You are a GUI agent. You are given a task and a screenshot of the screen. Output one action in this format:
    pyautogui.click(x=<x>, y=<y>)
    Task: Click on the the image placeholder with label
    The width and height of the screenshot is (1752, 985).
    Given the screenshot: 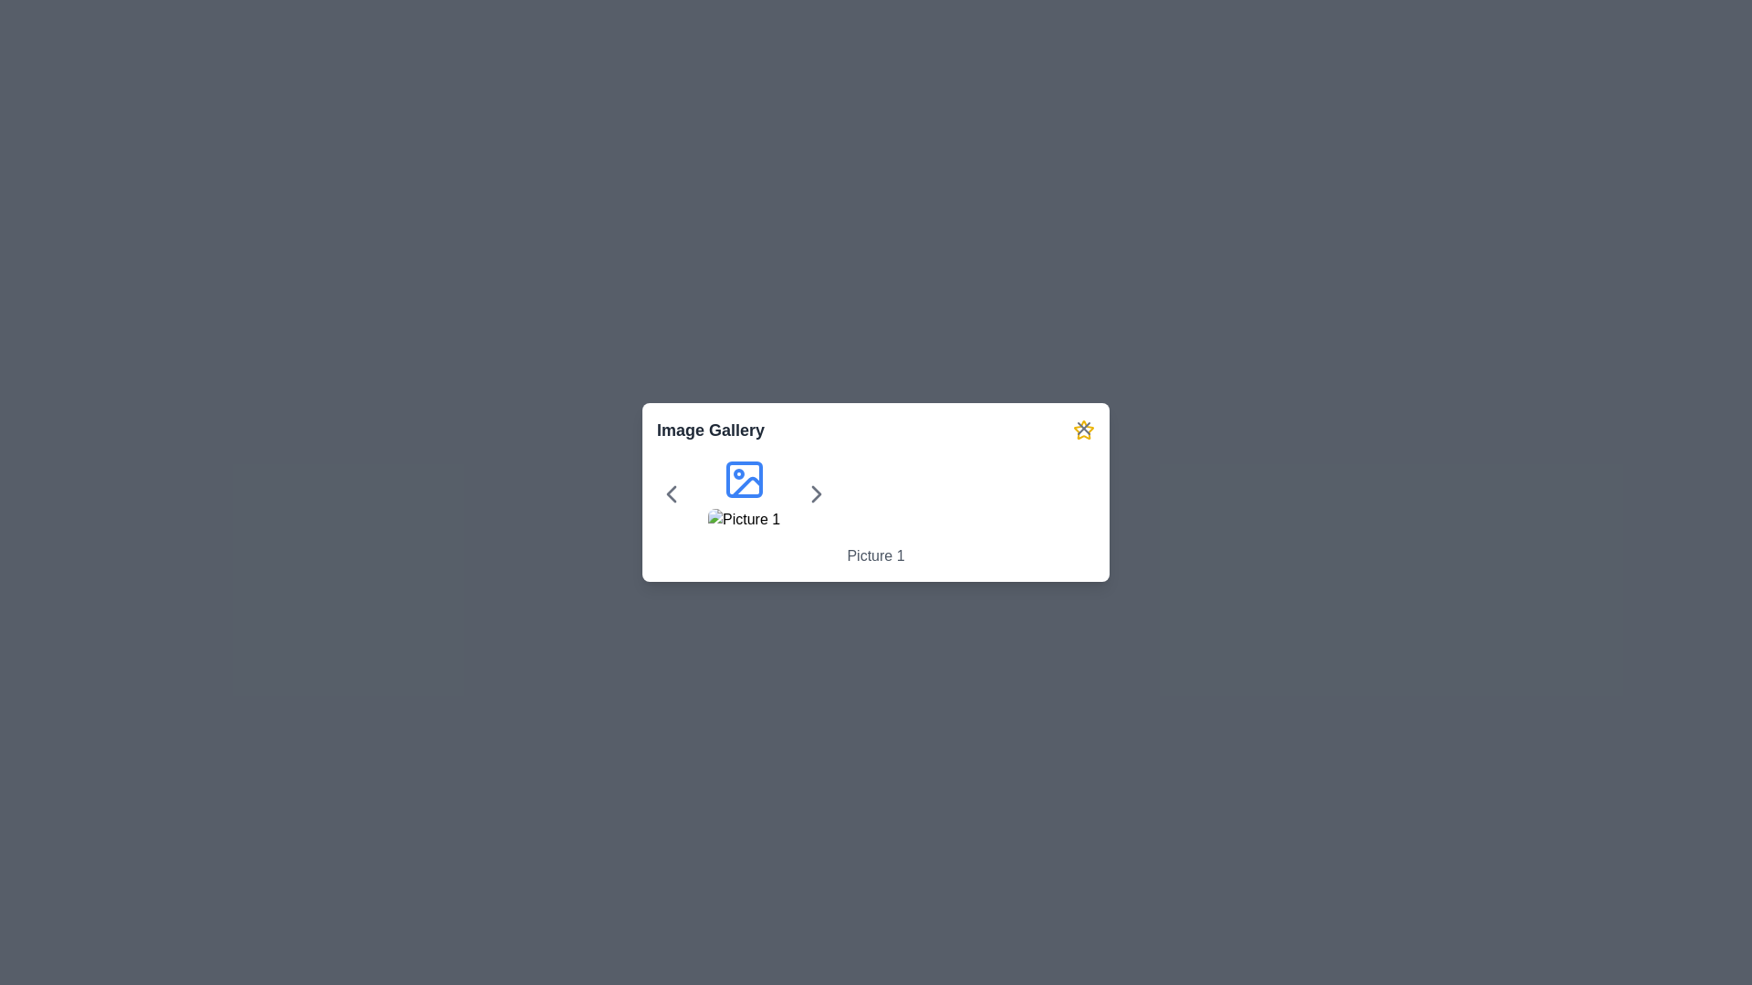 What is the action you would take?
    pyautogui.click(x=744, y=494)
    